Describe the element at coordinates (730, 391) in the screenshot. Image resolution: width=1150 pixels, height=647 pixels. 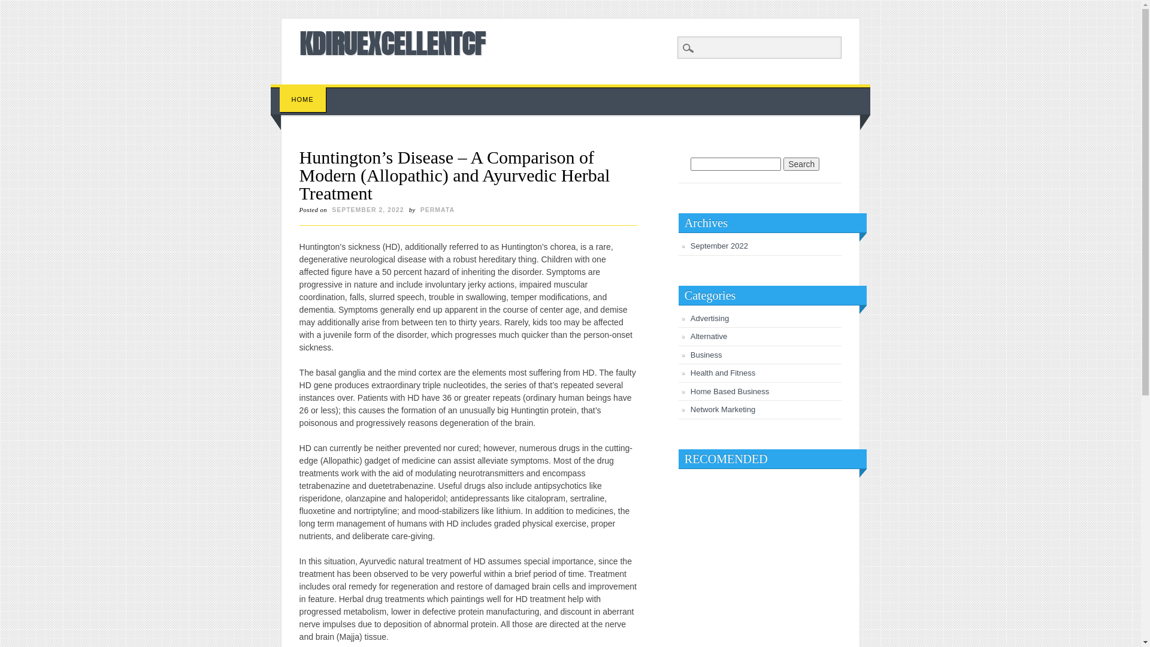
I see `'Home Based Business'` at that location.